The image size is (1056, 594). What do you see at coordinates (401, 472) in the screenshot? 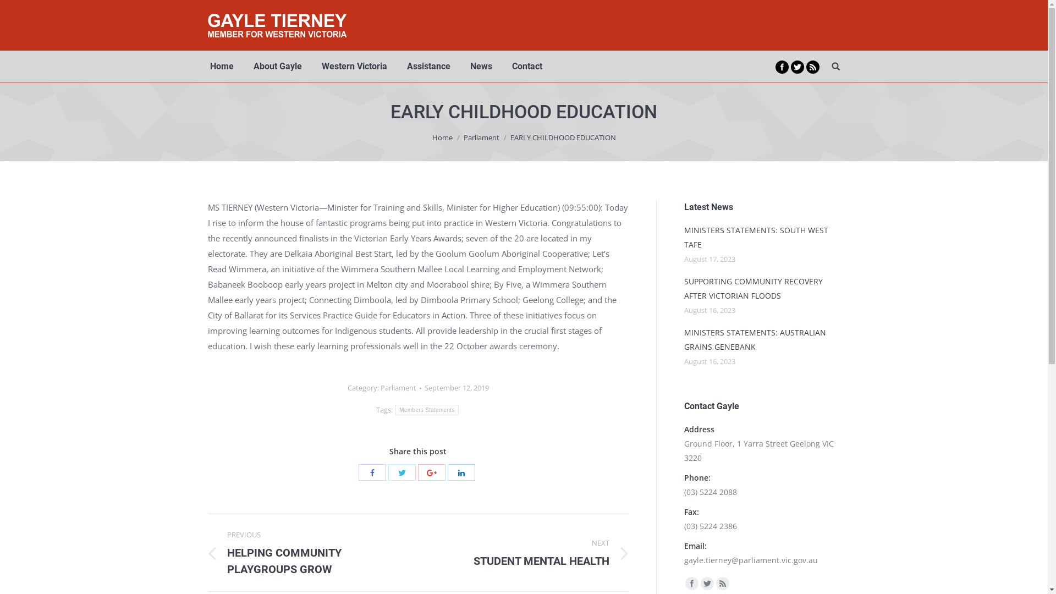
I see `'Twitter'` at bounding box center [401, 472].